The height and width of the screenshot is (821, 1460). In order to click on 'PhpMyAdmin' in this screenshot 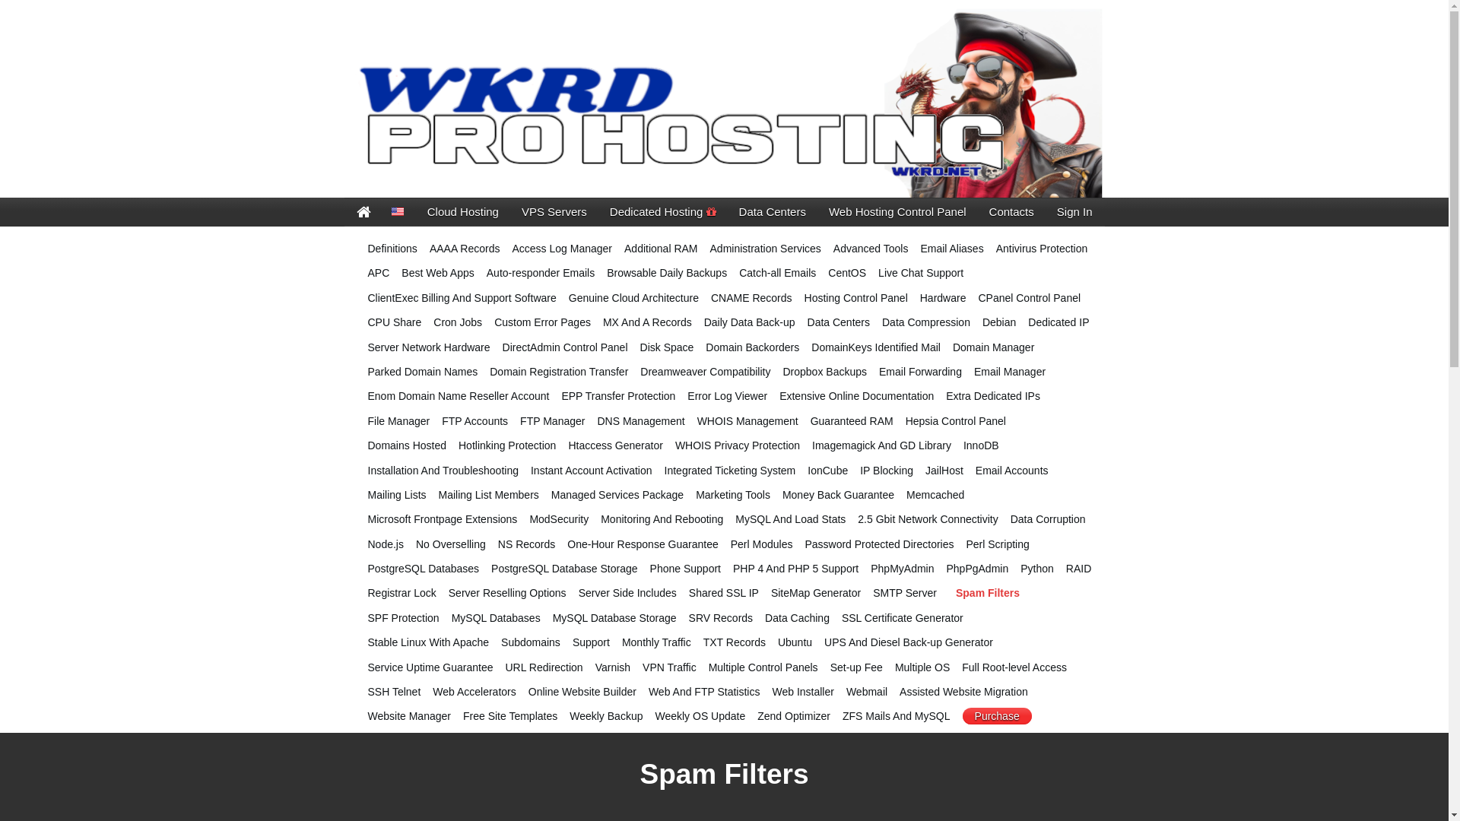, I will do `click(902, 569)`.